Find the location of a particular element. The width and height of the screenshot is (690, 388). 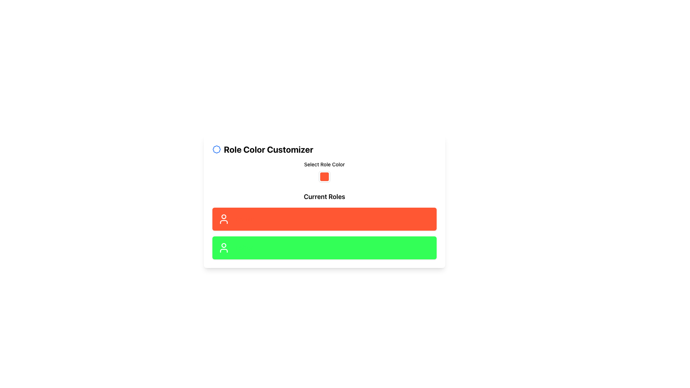

the color display element located under the 'Select Role Color' label and above the 'Current Roles' heading, which visually indicates the chosen color is located at coordinates (324, 177).